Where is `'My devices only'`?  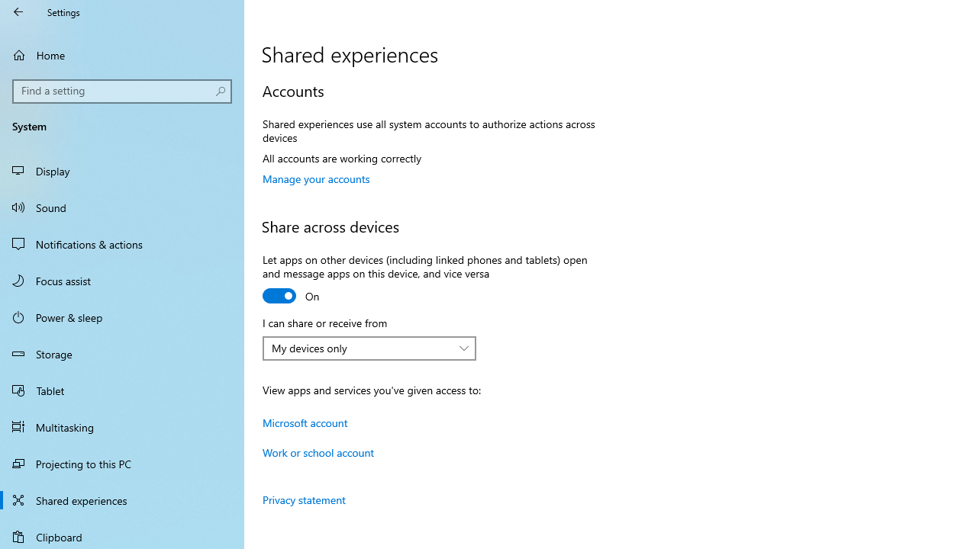 'My devices only' is located at coordinates (360, 348).